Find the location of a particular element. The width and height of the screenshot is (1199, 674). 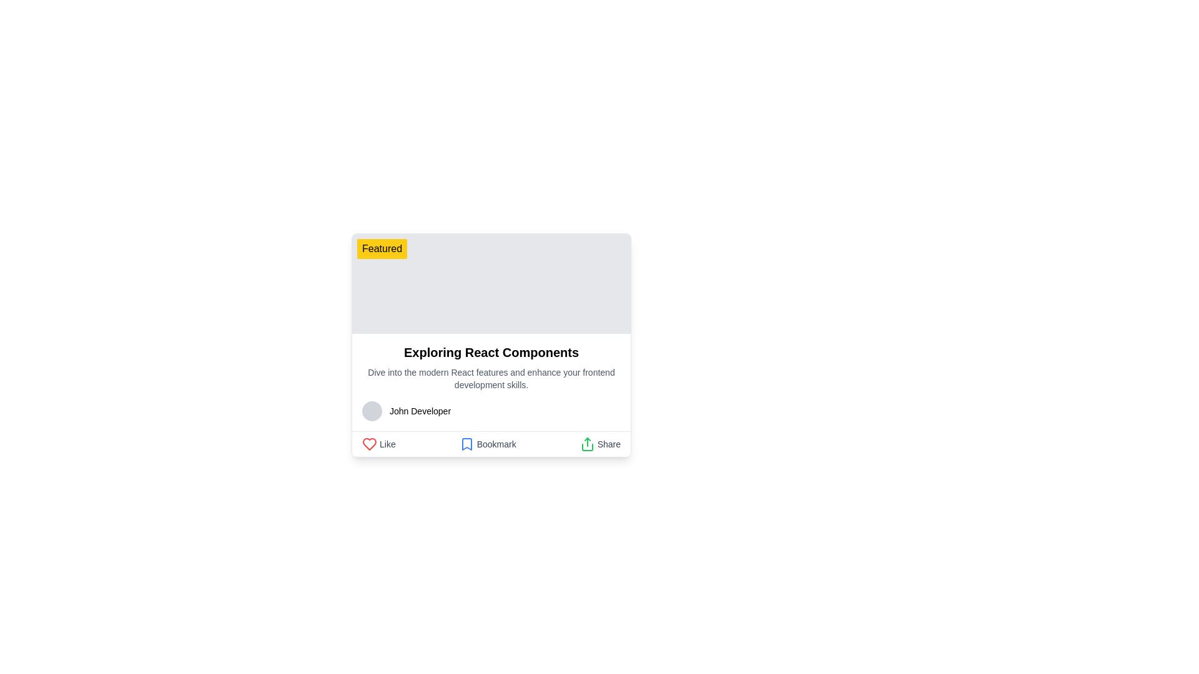

the heart-shaped icon located at the bottom left corner of the card component is located at coordinates (368, 444).